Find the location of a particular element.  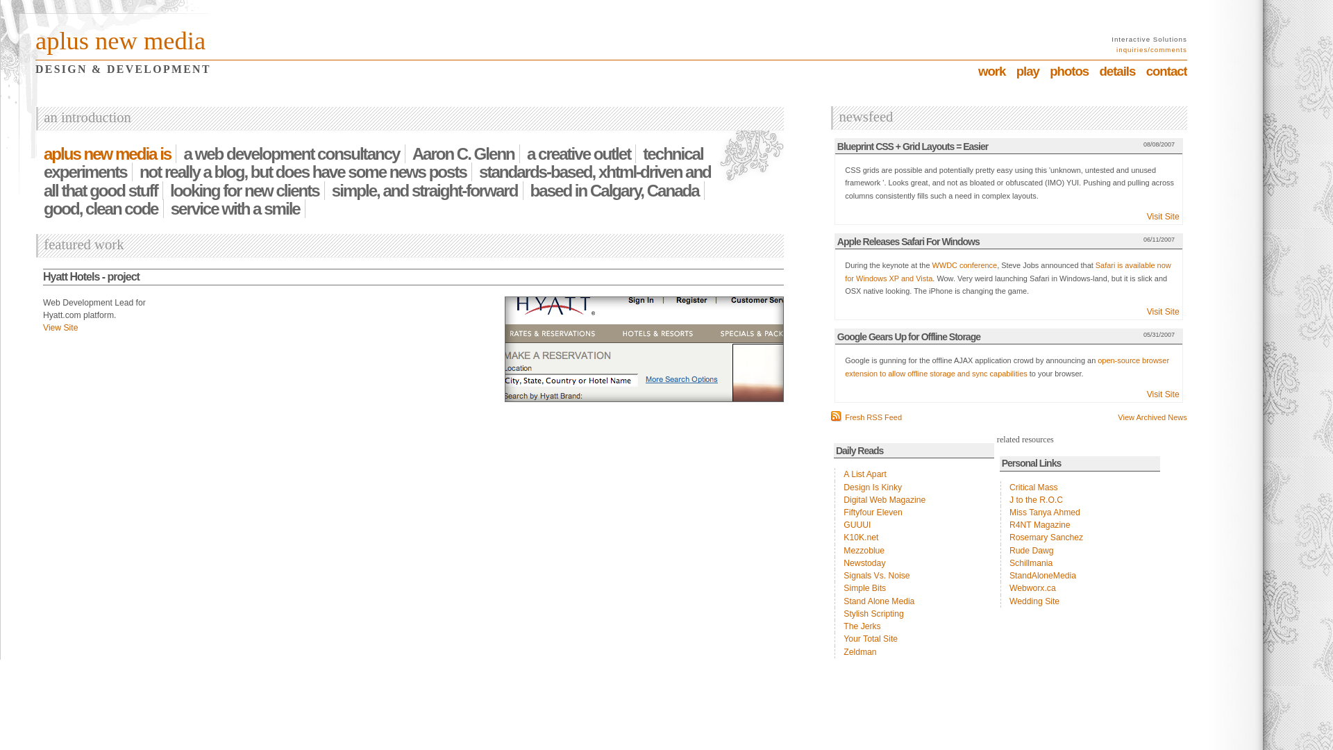

'View Archived News' is located at coordinates (1152, 416).